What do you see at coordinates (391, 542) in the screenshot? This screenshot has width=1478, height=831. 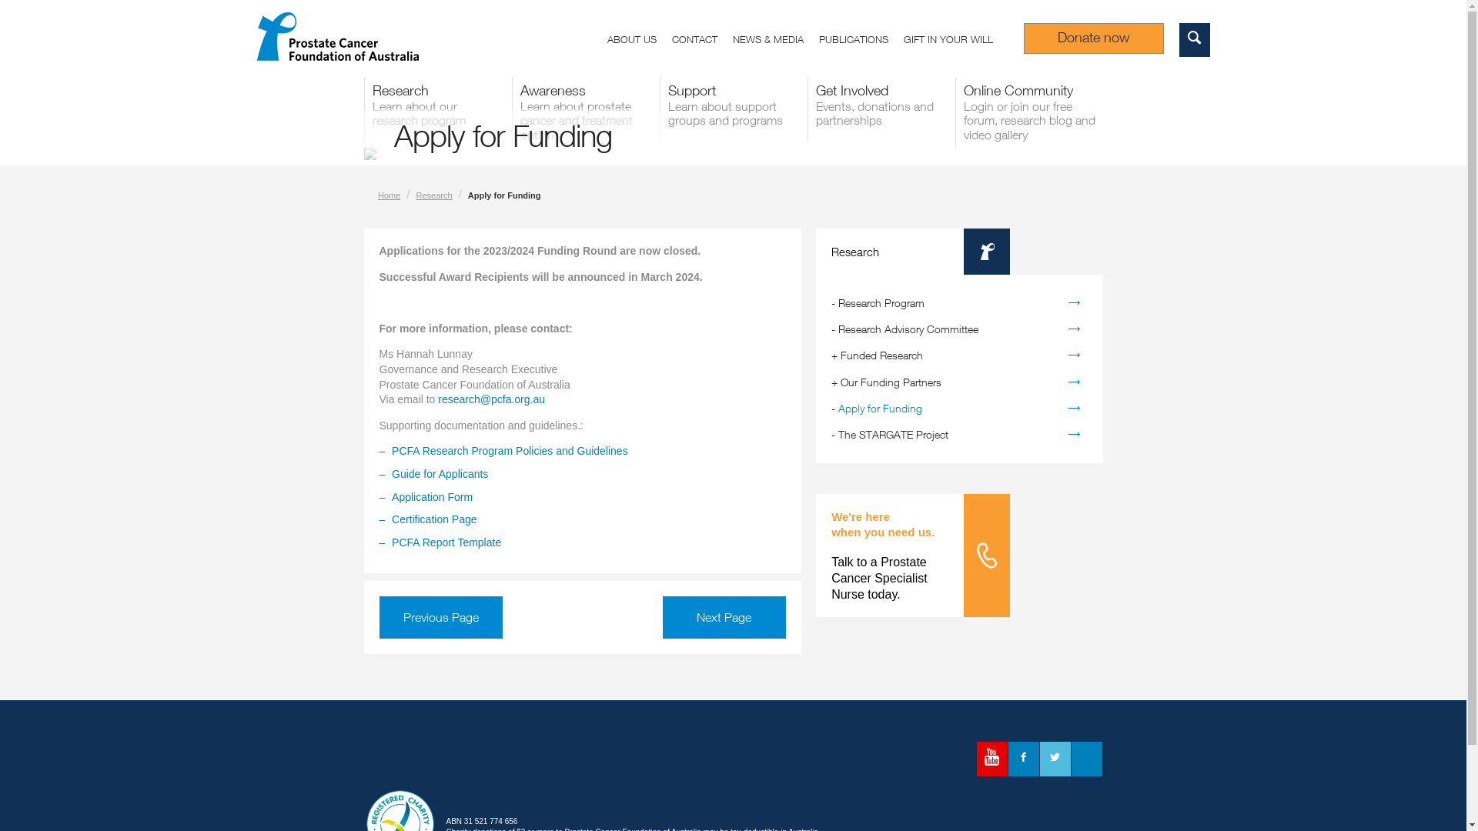 I see `'PCFA Report Template'` at bounding box center [391, 542].